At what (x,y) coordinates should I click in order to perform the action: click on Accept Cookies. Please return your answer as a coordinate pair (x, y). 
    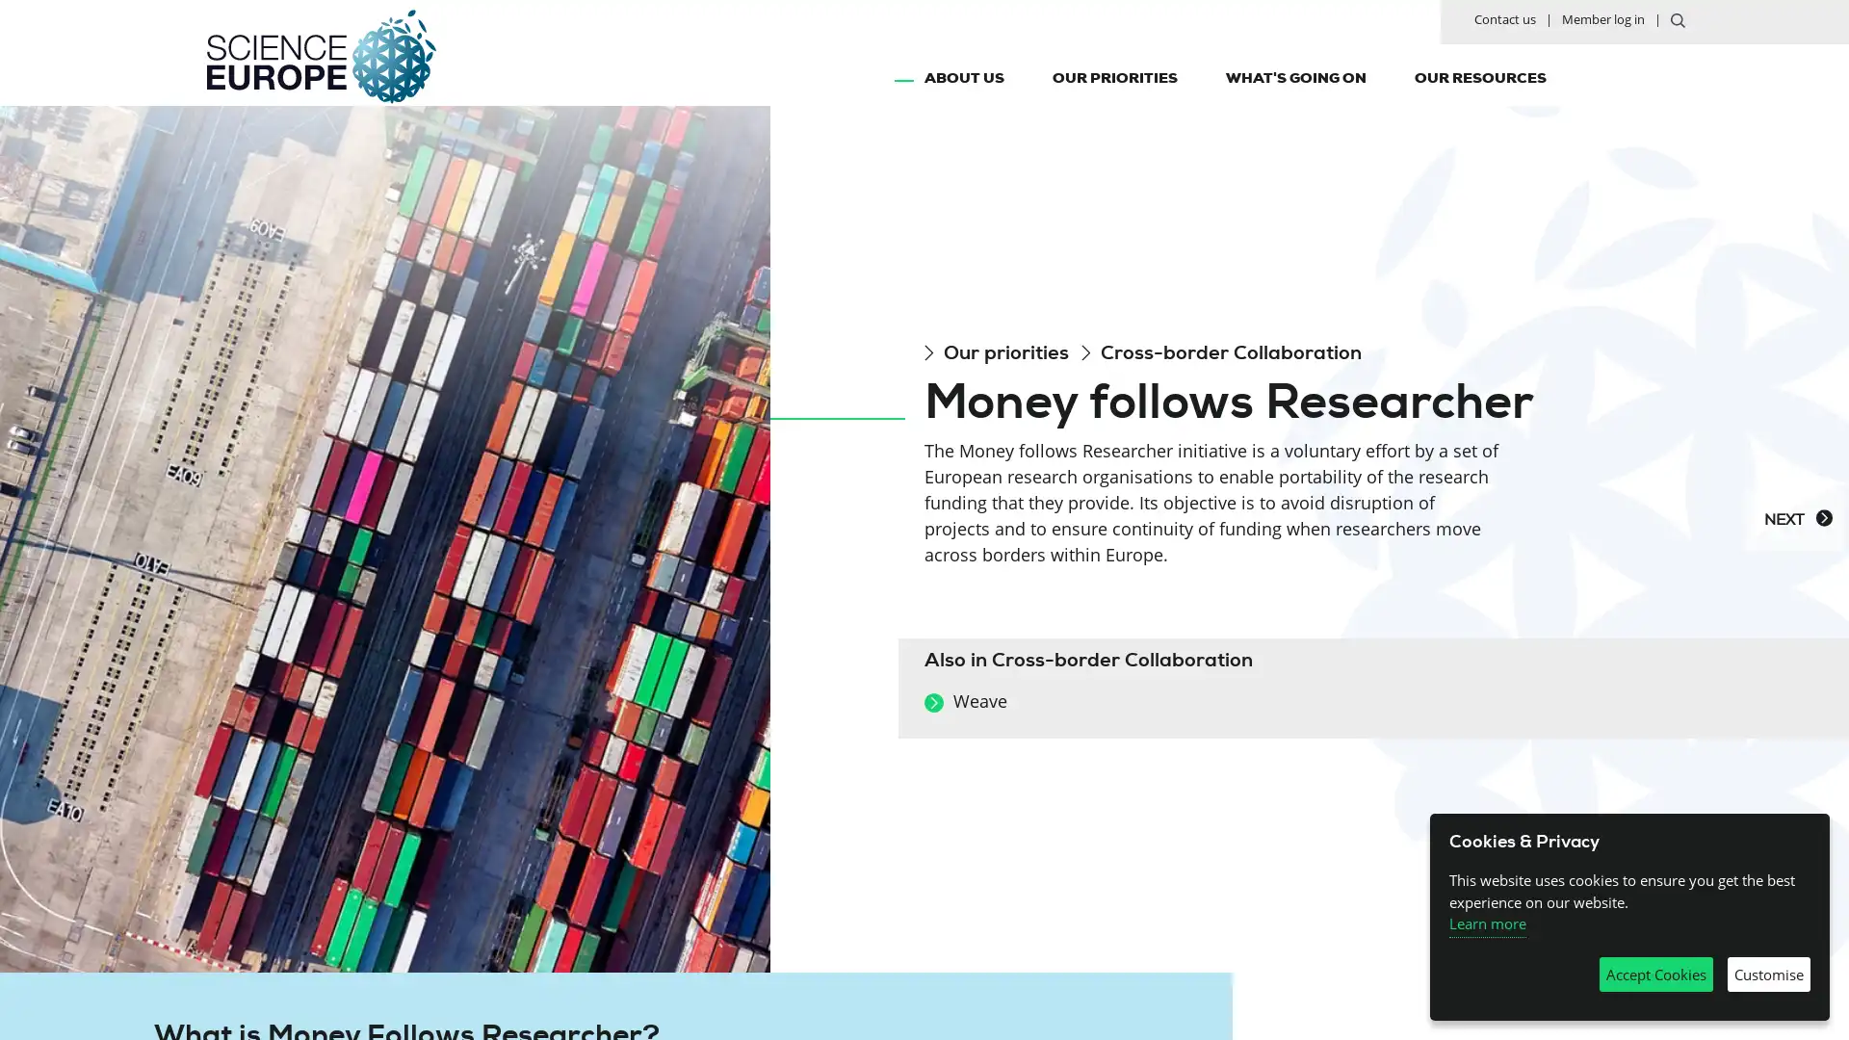
    Looking at the image, I should click on (1654, 974).